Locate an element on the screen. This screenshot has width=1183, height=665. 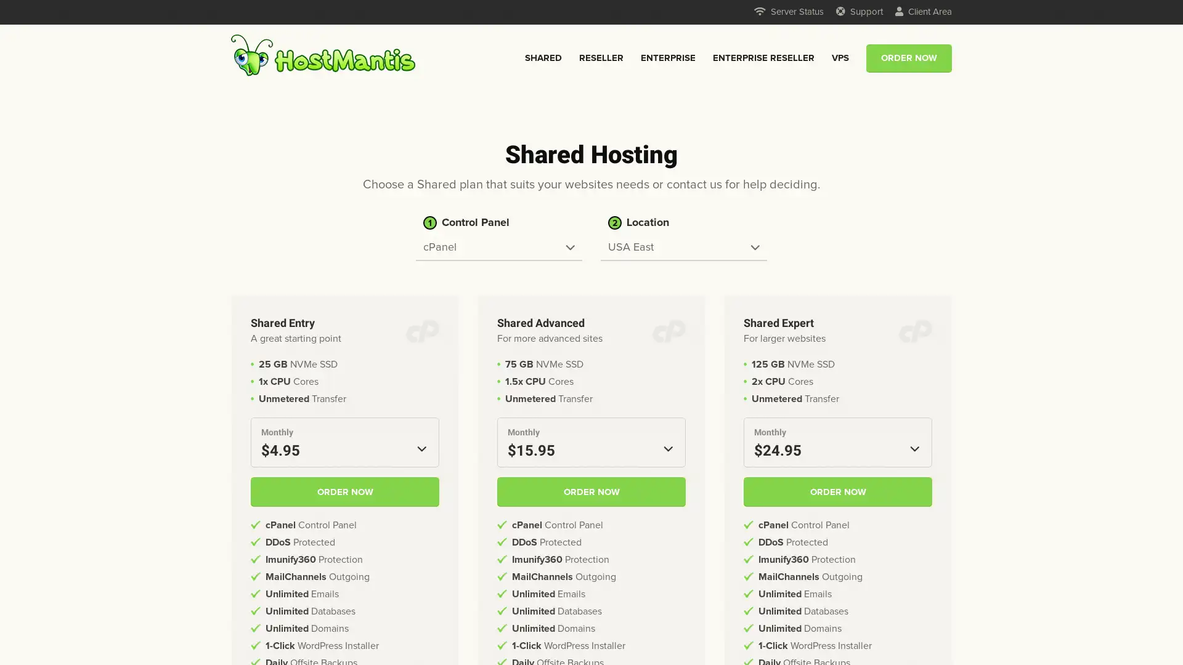
Monthly $15.95 is located at coordinates (591, 441).